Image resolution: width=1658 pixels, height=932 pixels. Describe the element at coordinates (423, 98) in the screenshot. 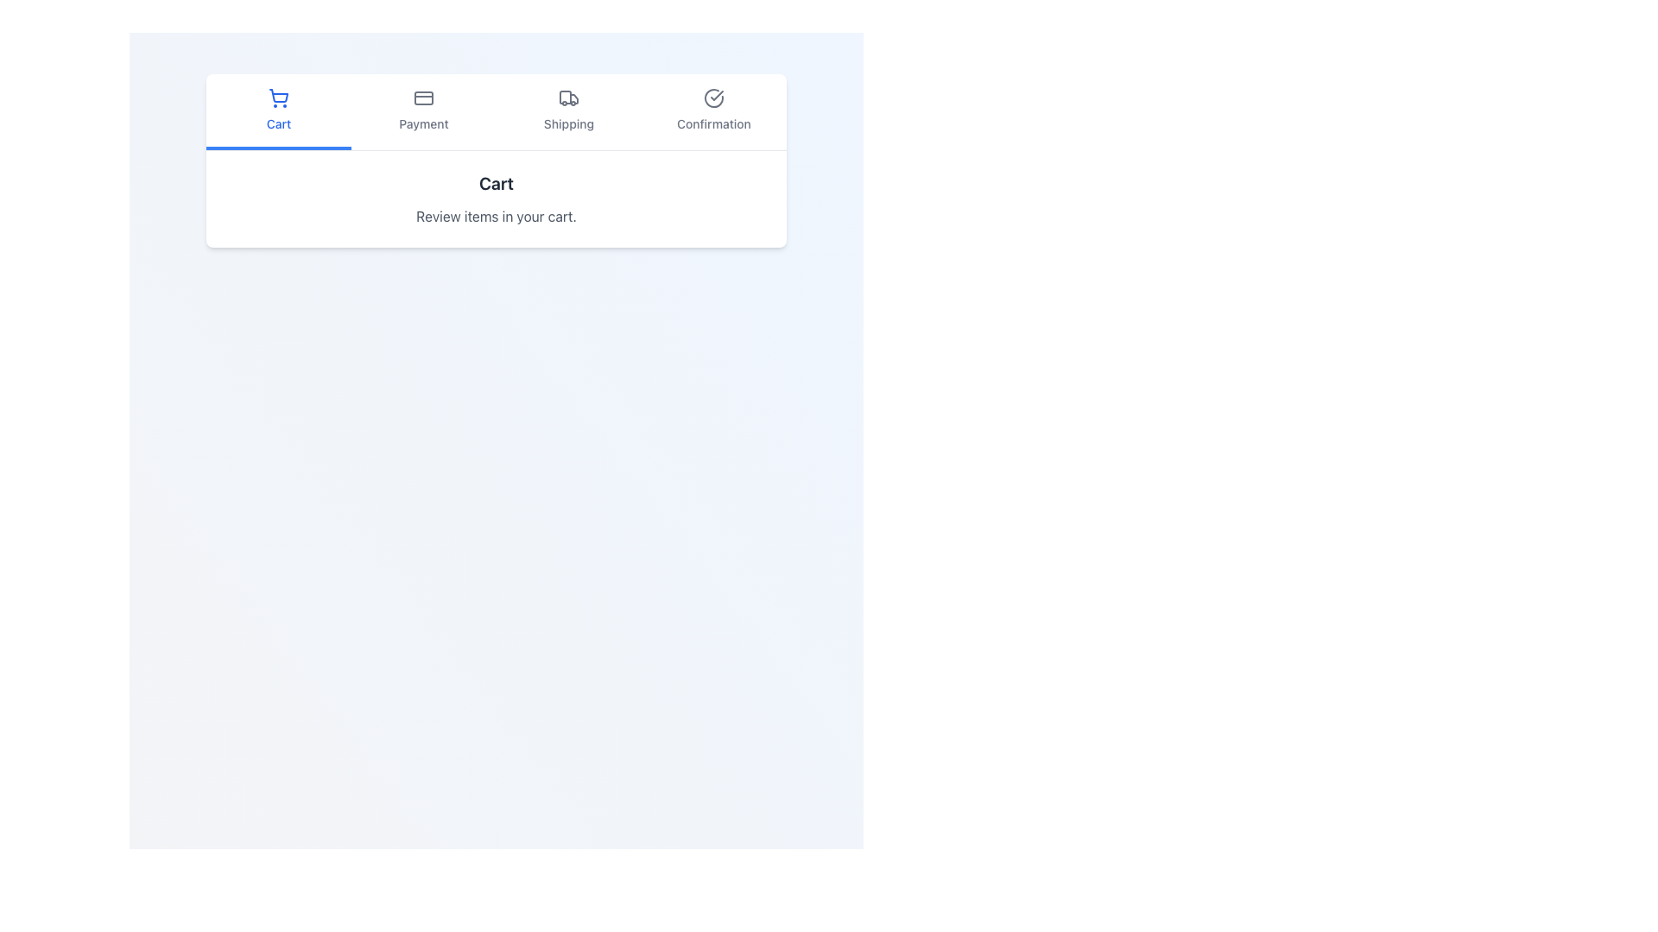

I see `the 'Payment' icon in the navigation bar, which visually represents the payment section and is located between the 'Cart' and 'Shipping' tabs` at that location.